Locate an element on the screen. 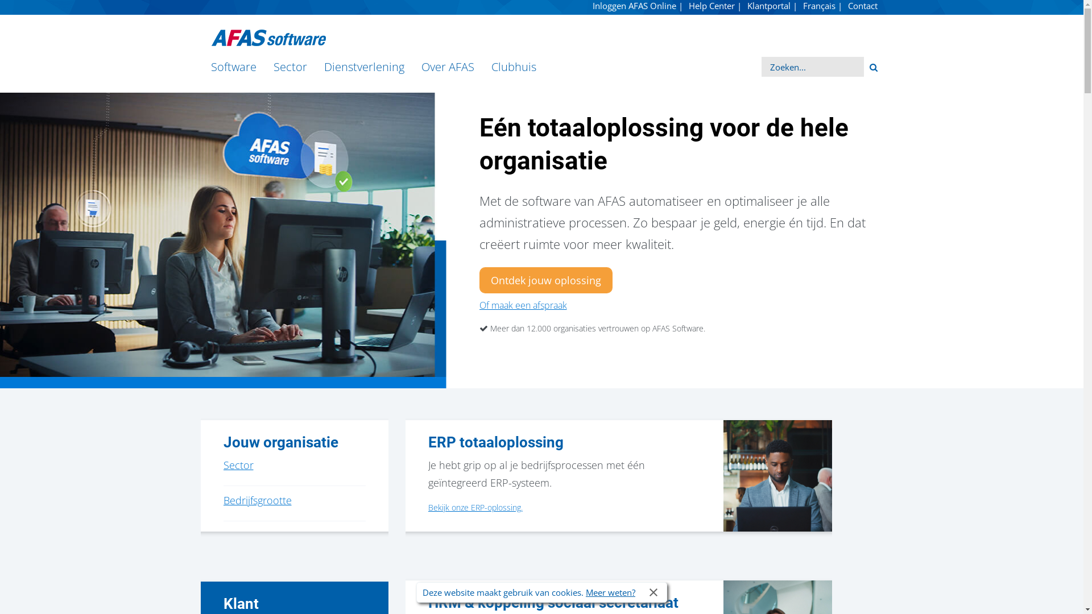  'Meer weten?' is located at coordinates (610, 591).